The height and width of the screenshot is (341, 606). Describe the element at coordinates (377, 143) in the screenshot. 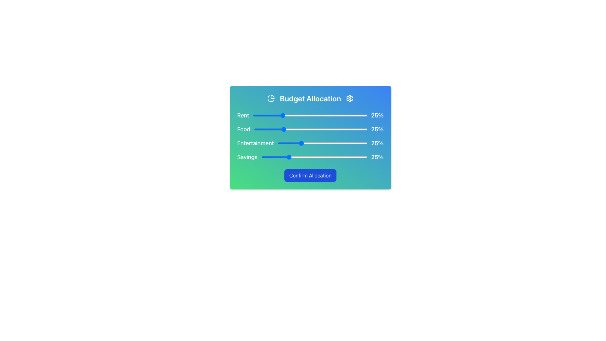

I see `the text label displaying '25%' which is bold and white, positioned in the rightmost position of the 'Entertainment' row, horizontally aligned with the associated slider` at that location.